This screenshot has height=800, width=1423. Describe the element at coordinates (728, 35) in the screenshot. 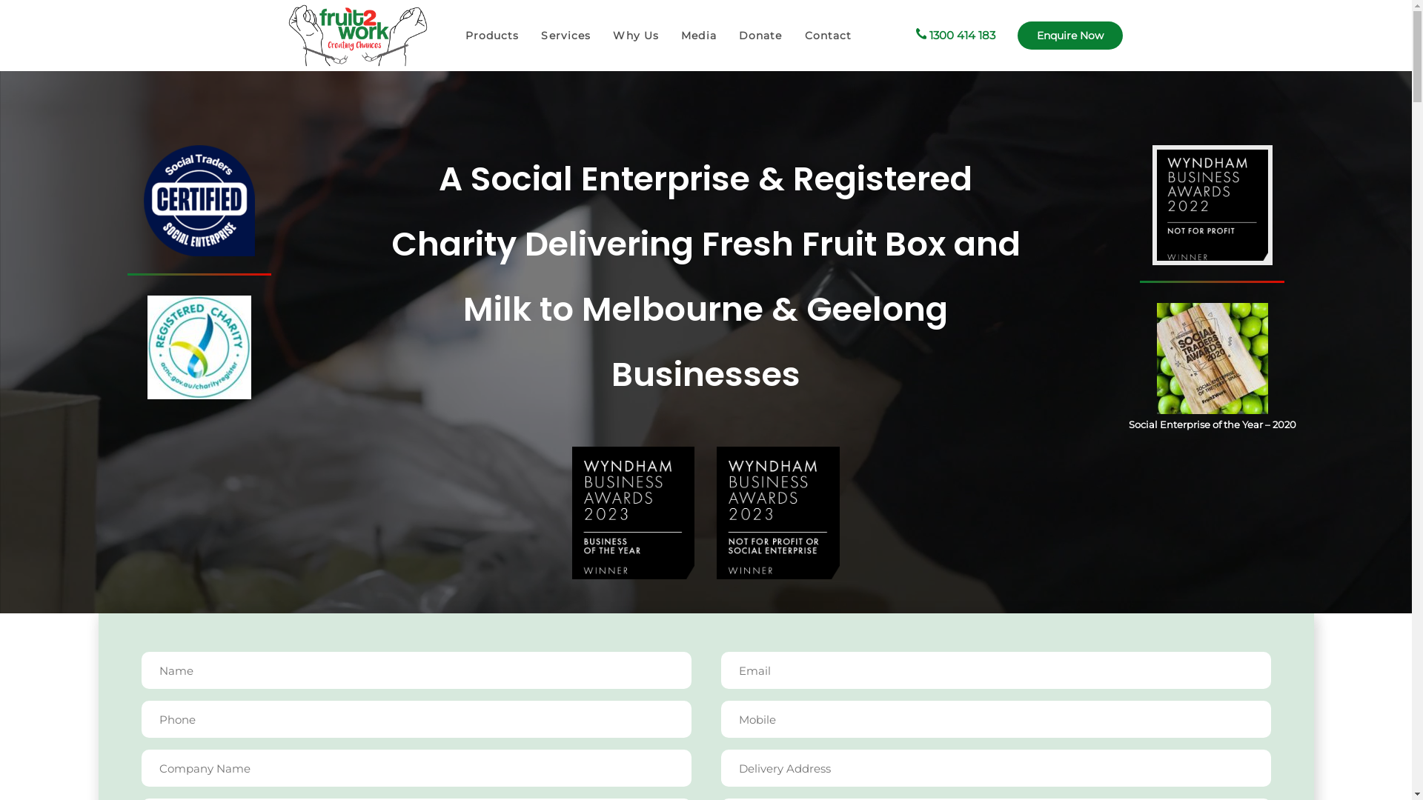

I see `'Donate'` at that location.